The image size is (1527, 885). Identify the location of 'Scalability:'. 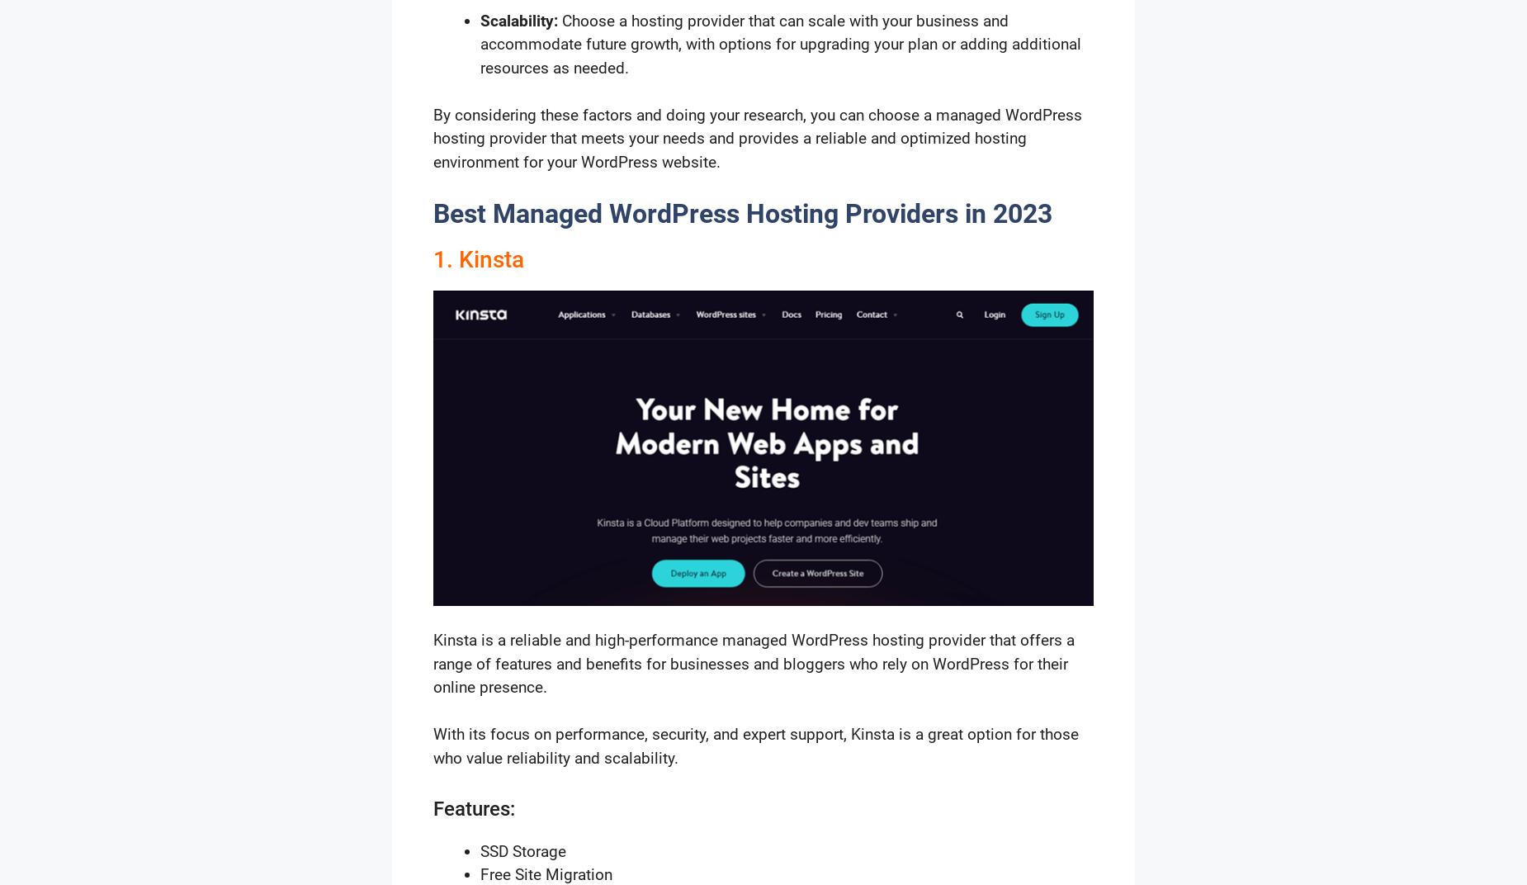
(519, 19).